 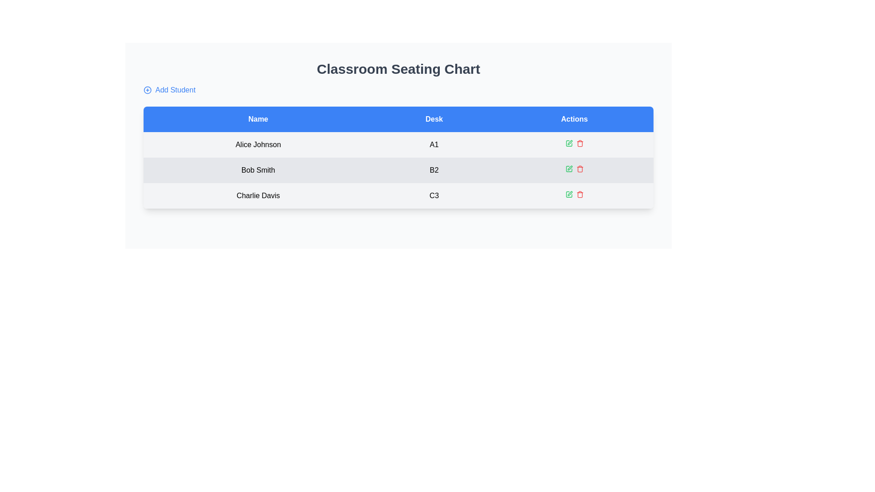 What do you see at coordinates (579, 194) in the screenshot?
I see `the red trash can icon in the 'Actions' column` at bounding box center [579, 194].